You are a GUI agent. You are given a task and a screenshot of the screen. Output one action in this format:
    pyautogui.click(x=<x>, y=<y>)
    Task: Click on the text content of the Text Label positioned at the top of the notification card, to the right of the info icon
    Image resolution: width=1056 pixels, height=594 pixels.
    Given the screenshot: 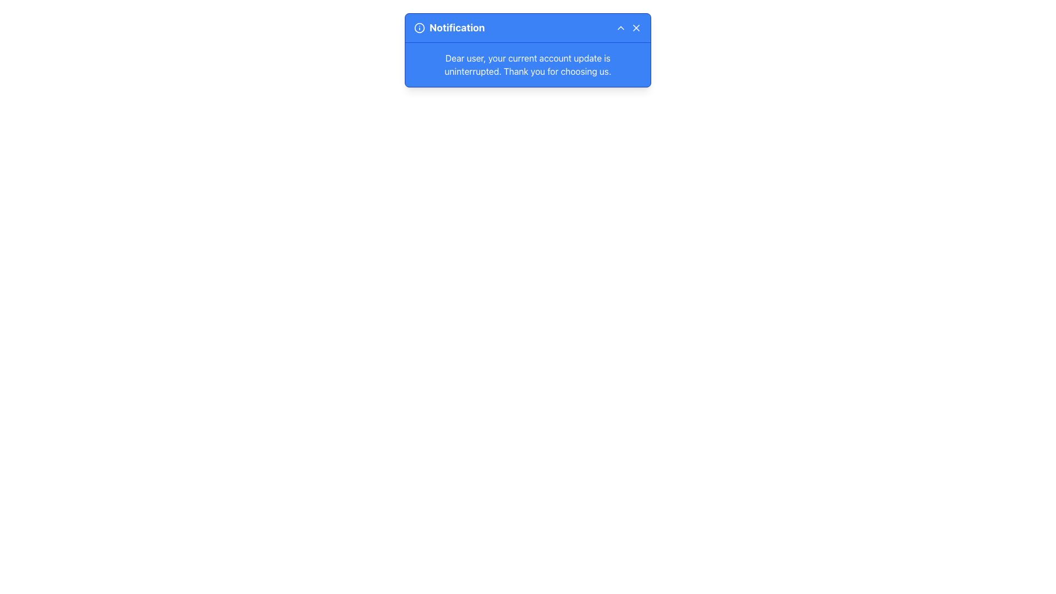 What is the action you would take?
    pyautogui.click(x=457, y=27)
    